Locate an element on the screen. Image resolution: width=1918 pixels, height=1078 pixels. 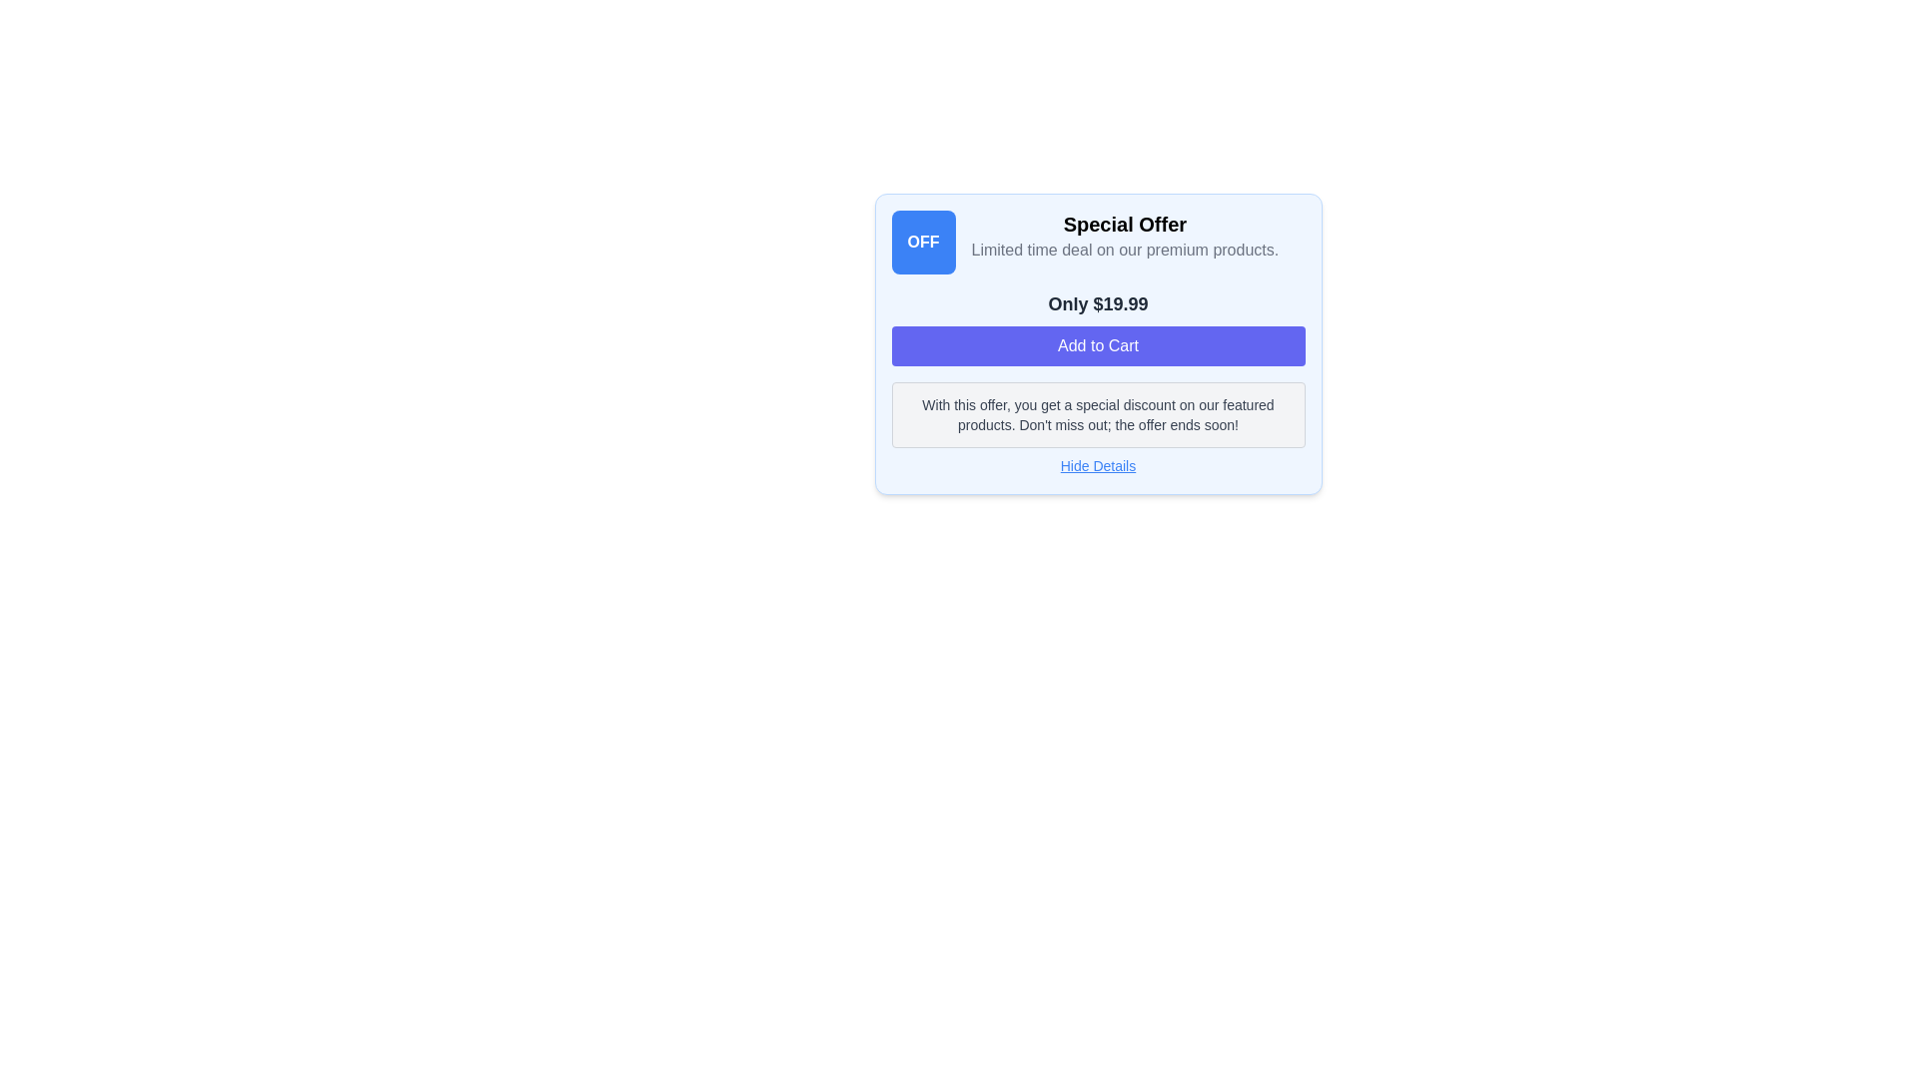
the rounded text content block styled with a light gray background and gray border, located before the 'Hide Details' link within the primary promotional box is located at coordinates (1097, 414).